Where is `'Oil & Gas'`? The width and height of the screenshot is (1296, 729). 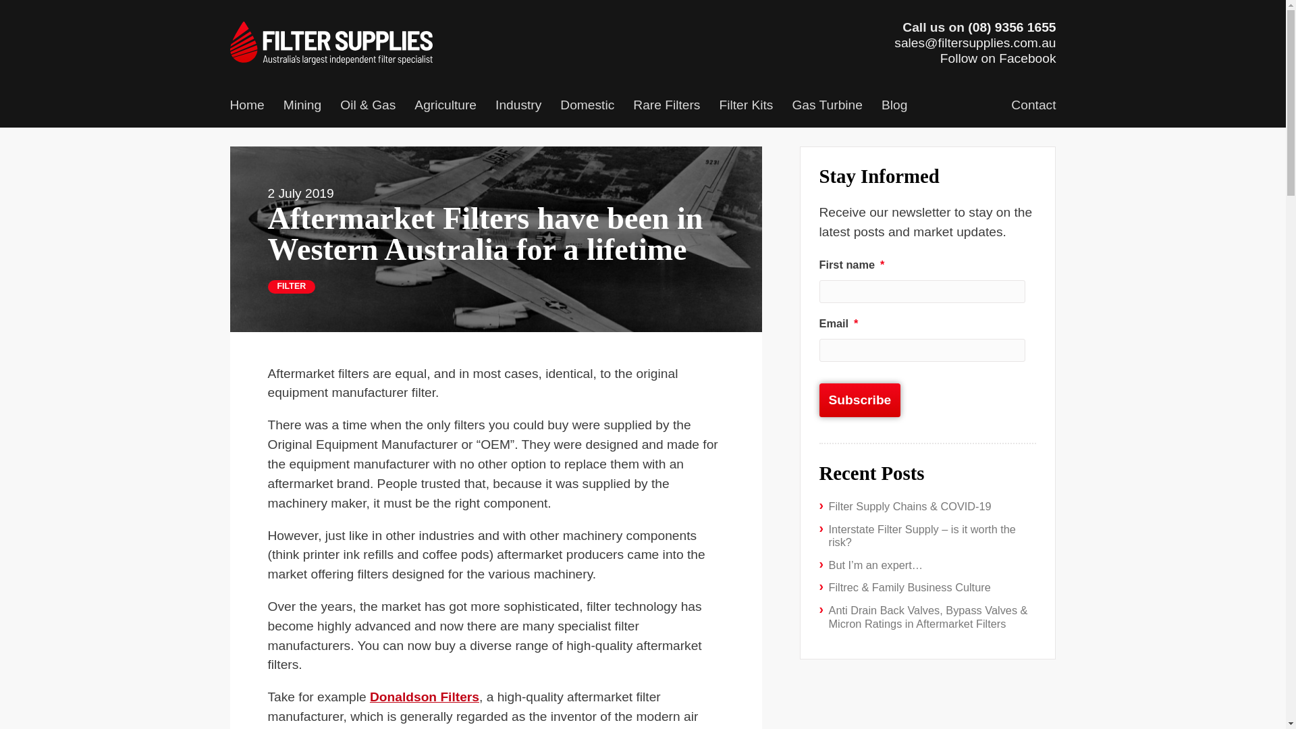
'Oil & Gas' is located at coordinates (330, 106).